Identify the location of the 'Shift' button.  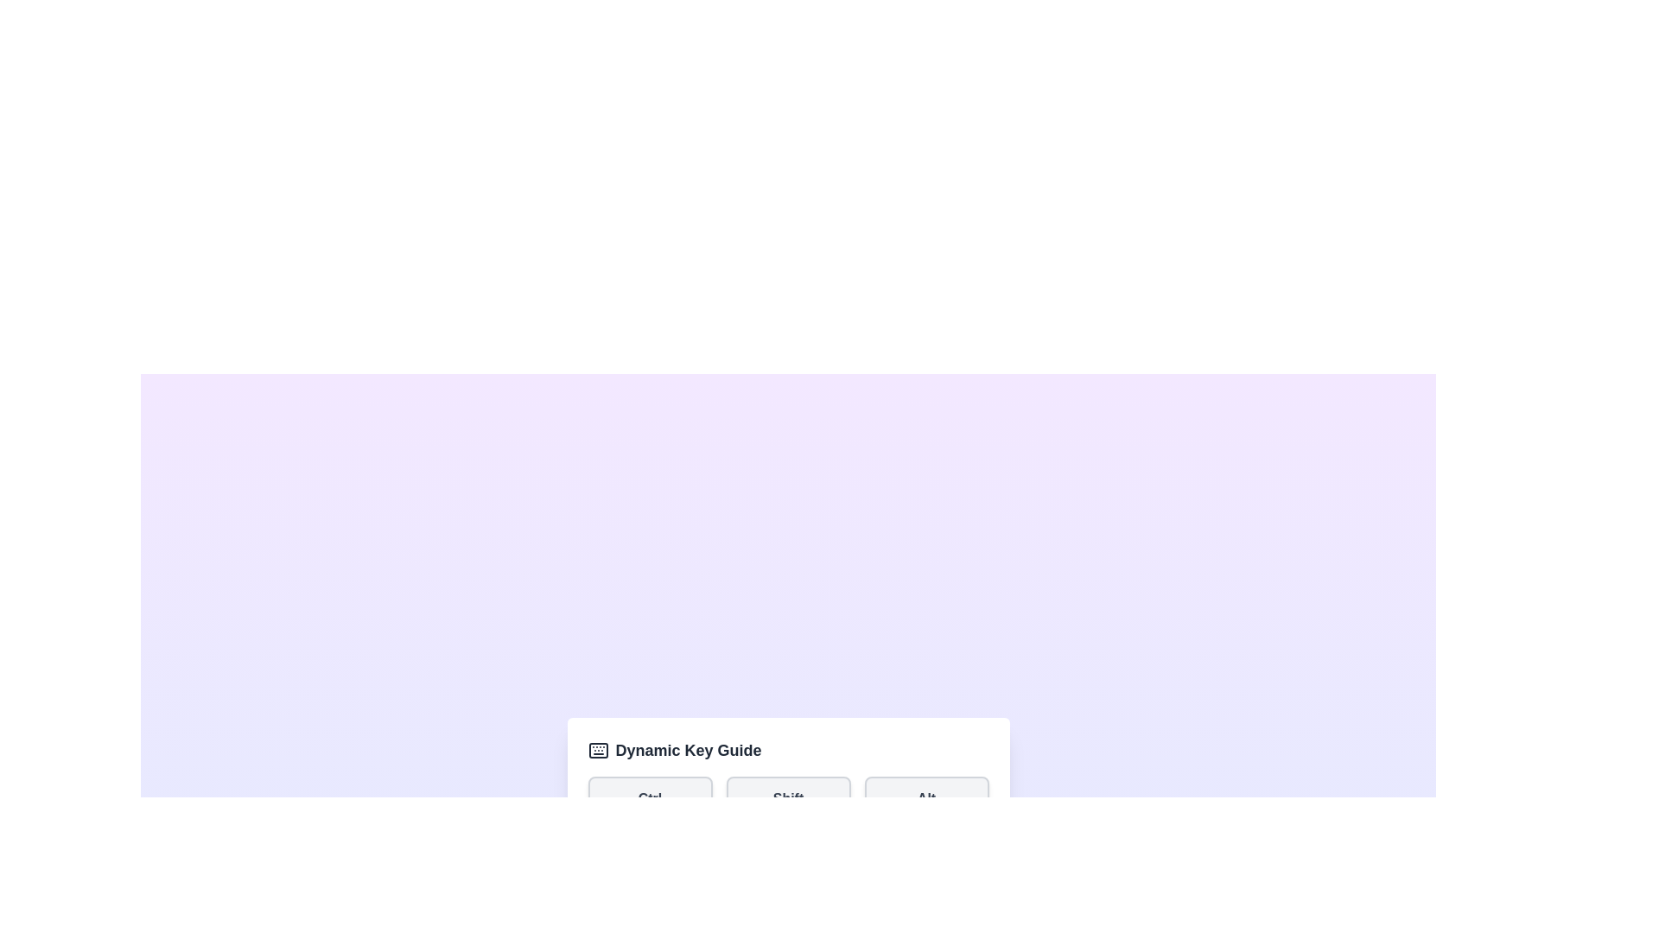
(787, 799).